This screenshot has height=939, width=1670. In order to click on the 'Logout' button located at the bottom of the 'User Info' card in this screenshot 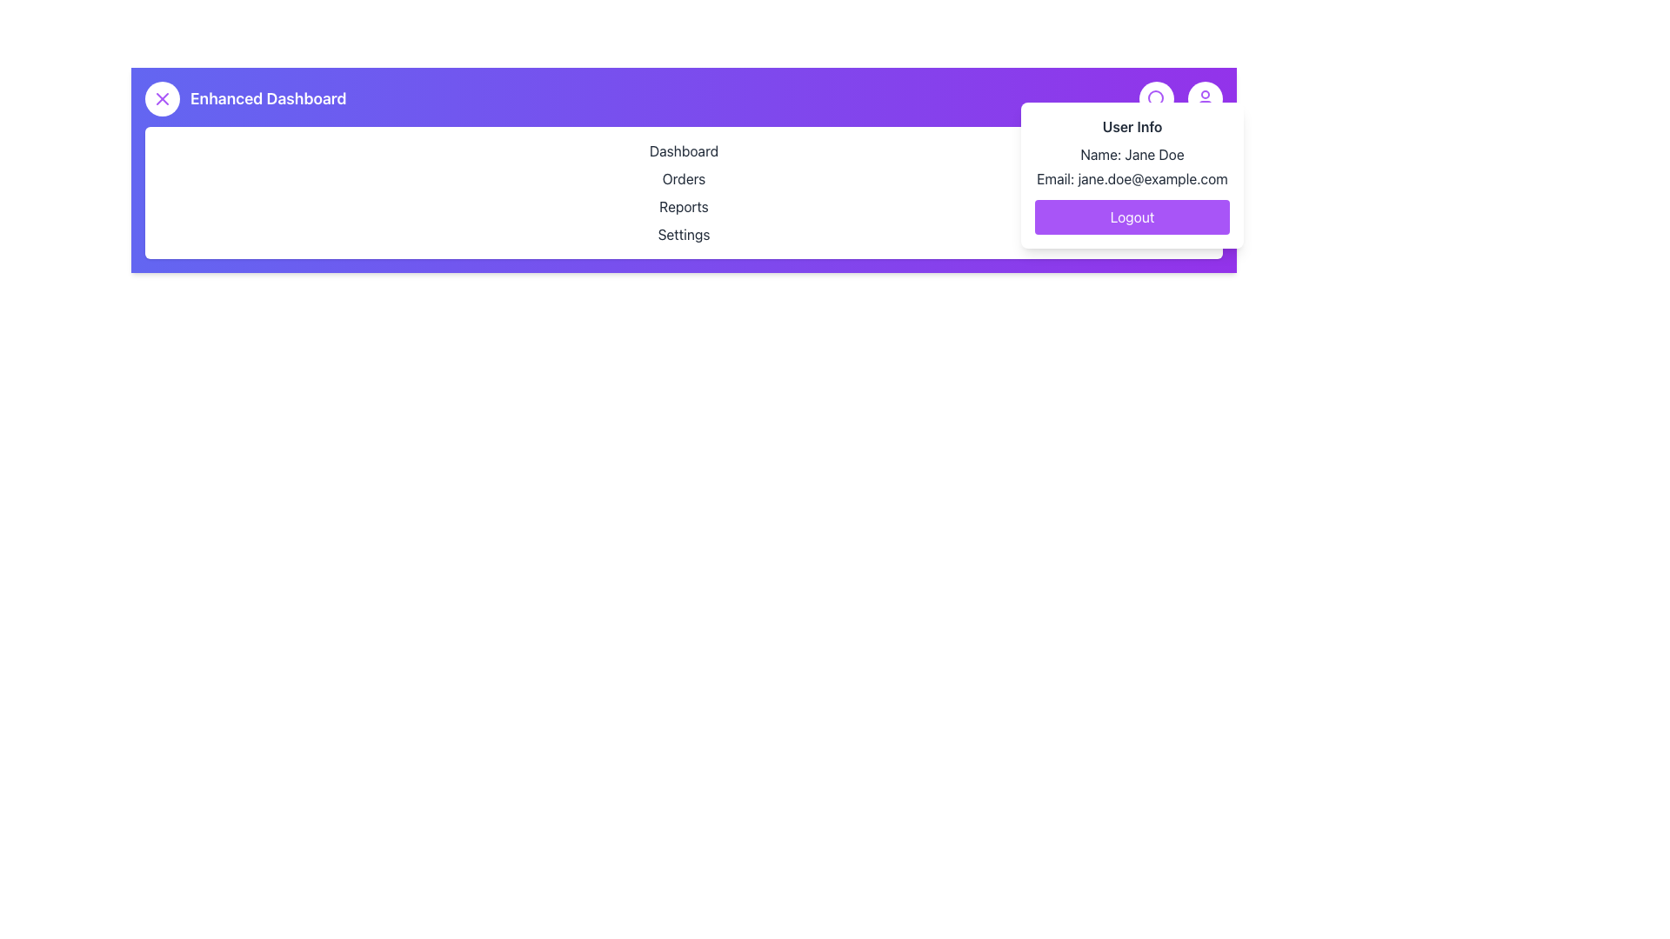, I will do `click(1132, 216)`.